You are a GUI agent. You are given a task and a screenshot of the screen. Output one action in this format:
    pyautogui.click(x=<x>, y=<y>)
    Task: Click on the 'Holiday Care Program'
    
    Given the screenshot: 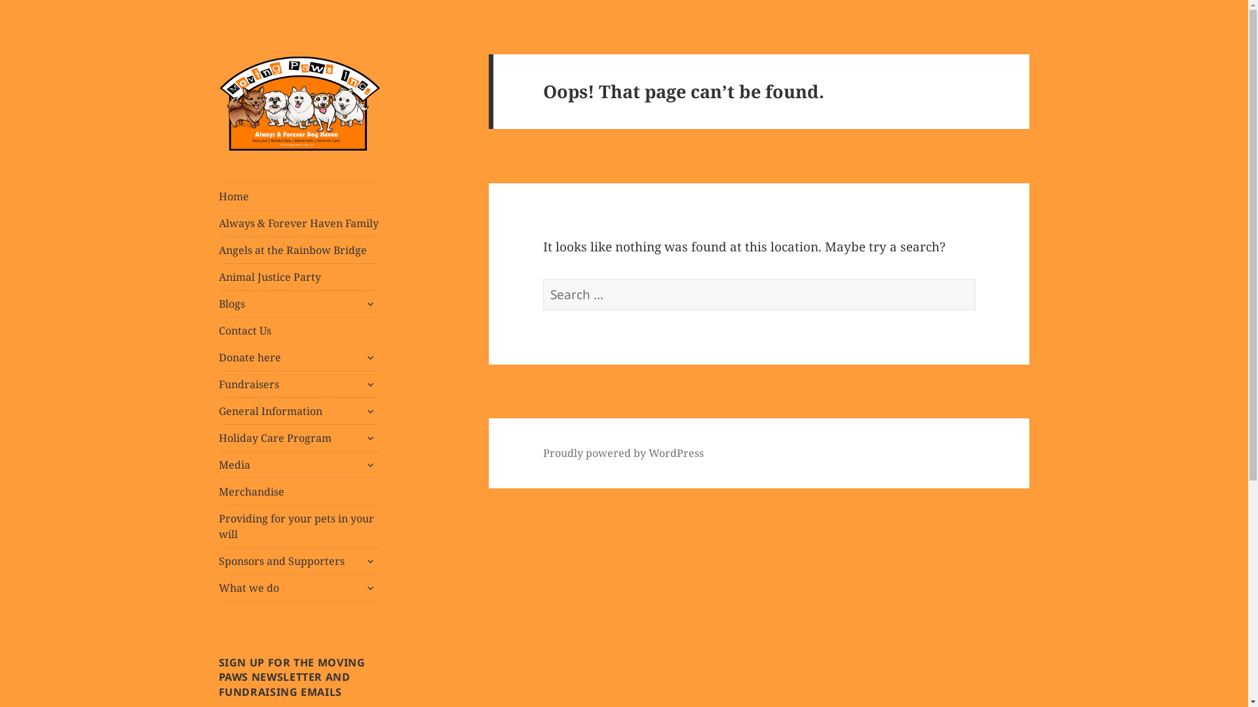 What is the action you would take?
    pyautogui.click(x=299, y=437)
    